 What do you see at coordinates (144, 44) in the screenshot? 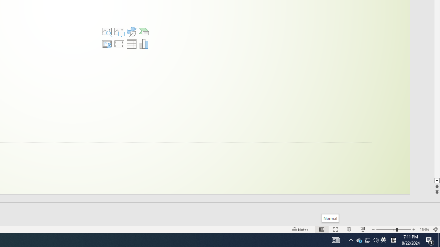
I see `'Insert Chart'` at bounding box center [144, 44].